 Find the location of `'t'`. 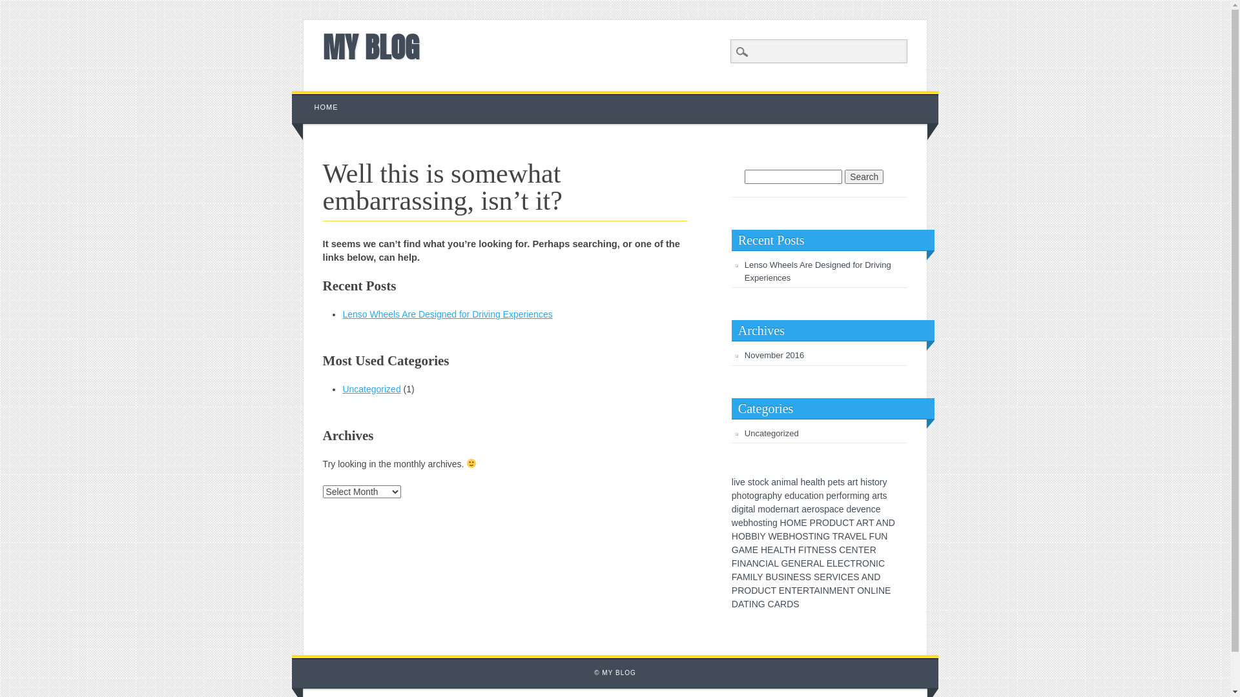

't' is located at coordinates (818, 482).